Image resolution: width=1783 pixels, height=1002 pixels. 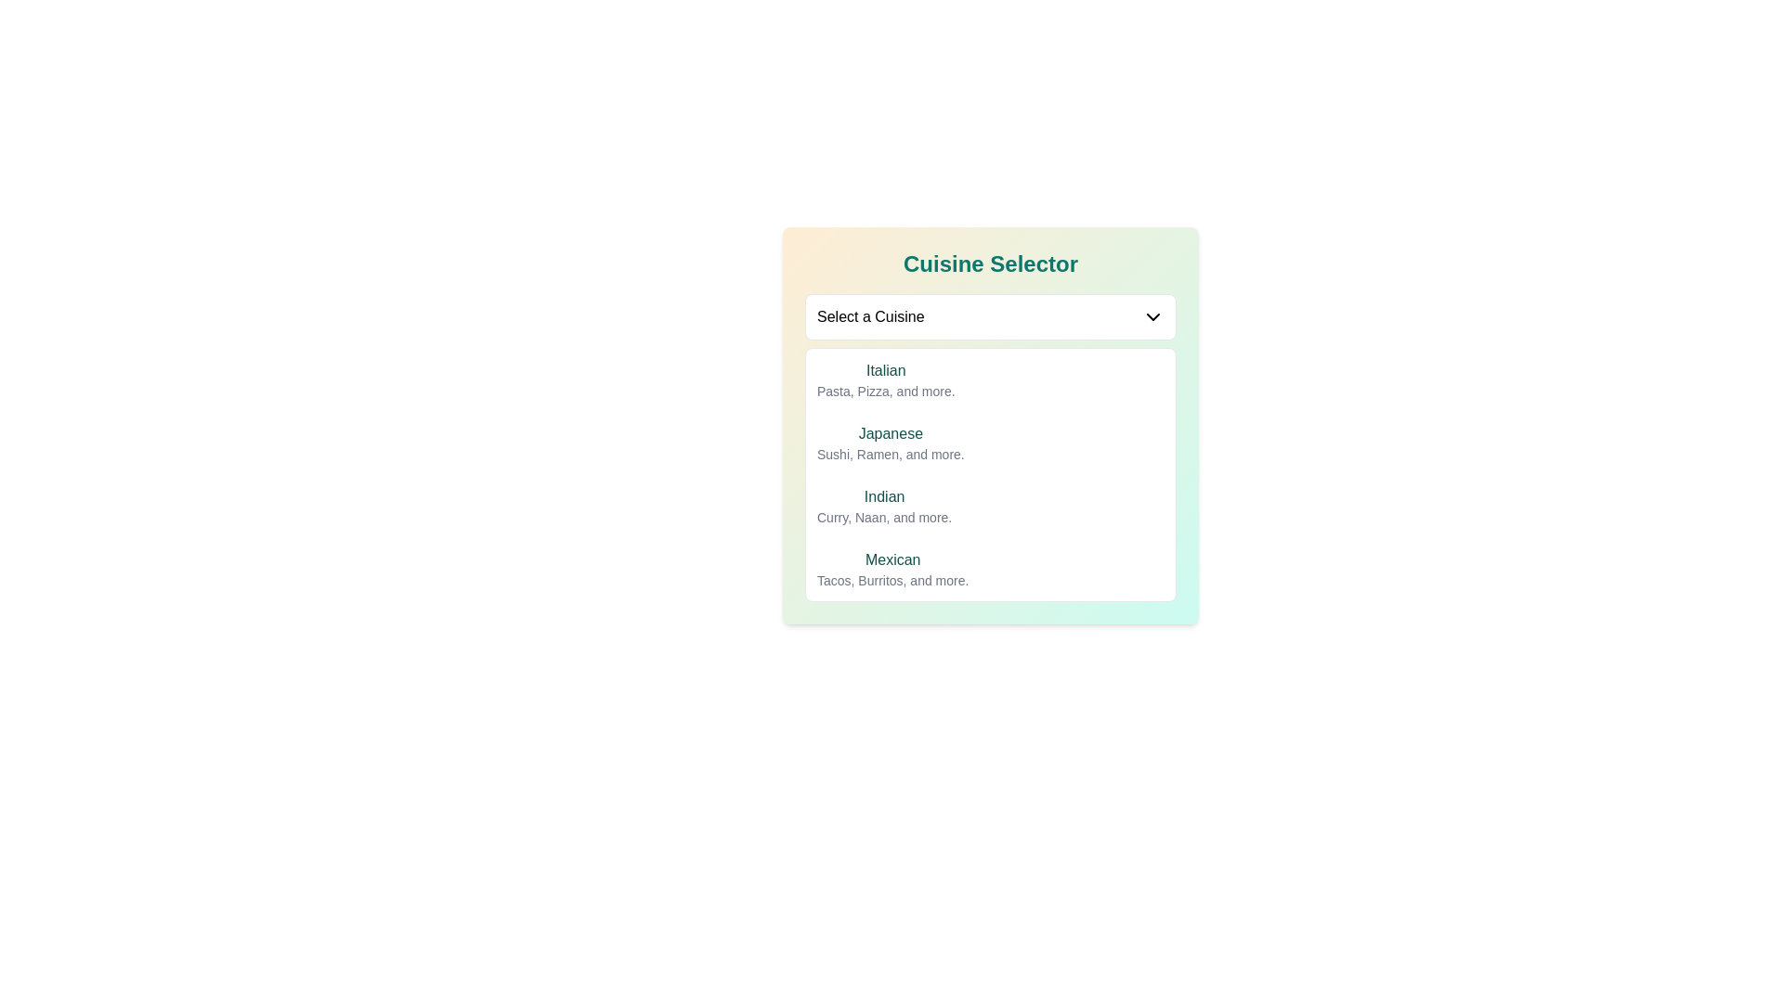 What do you see at coordinates (885, 371) in the screenshot?
I see `the static text element displaying 'Italian' in the dropdown list under the 'Cuisine Selector' header` at bounding box center [885, 371].